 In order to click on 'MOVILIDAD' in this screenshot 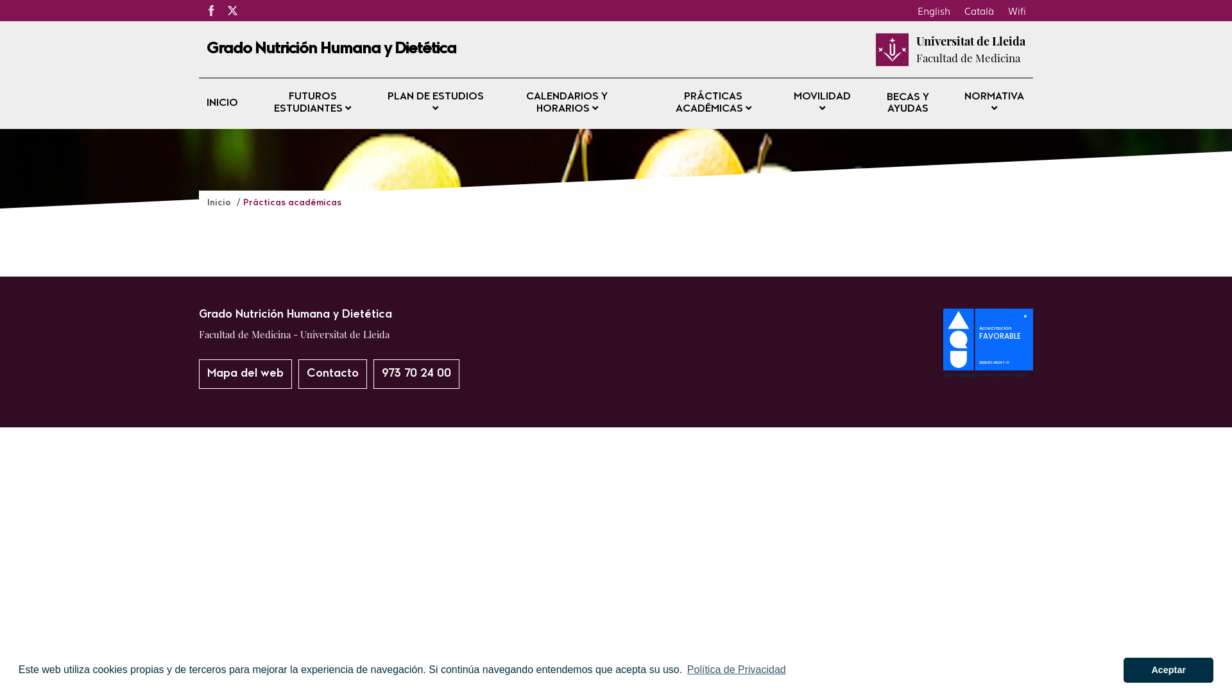, I will do `click(822, 103)`.